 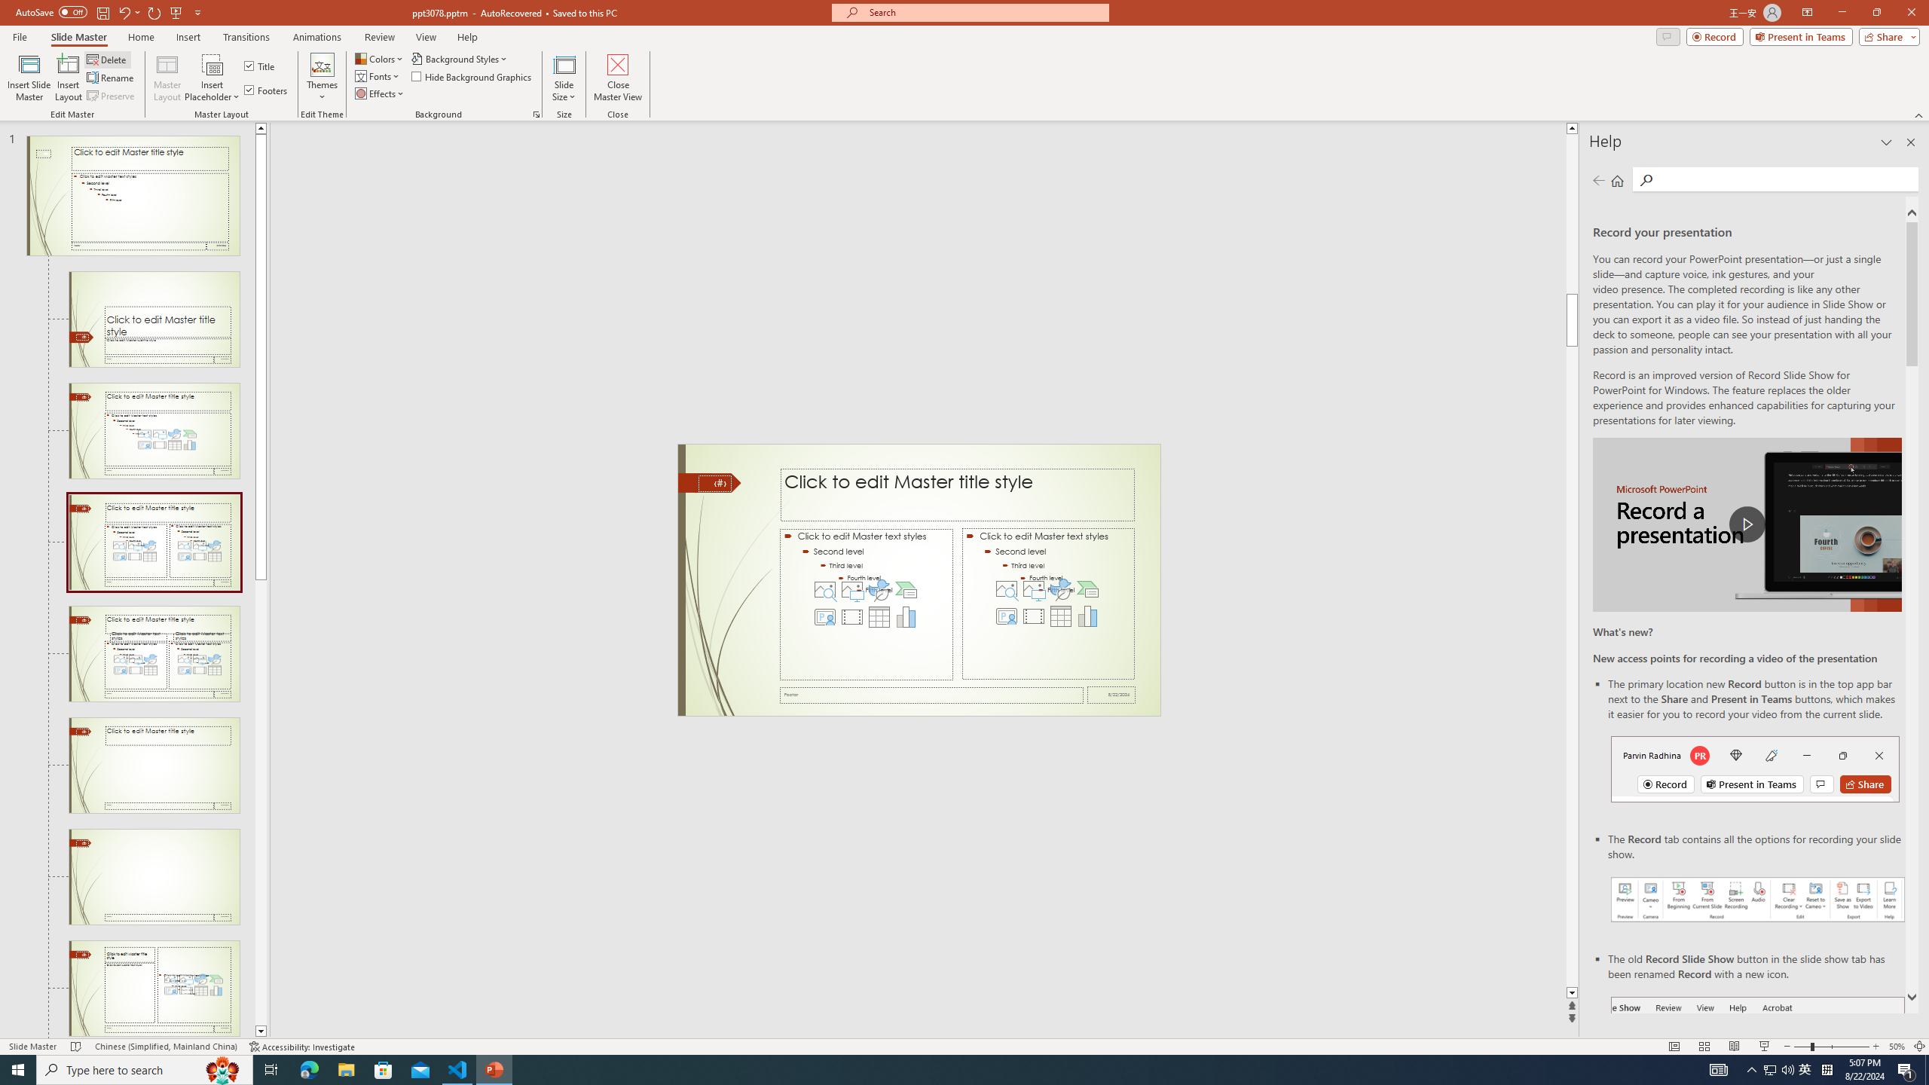 What do you see at coordinates (260, 66) in the screenshot?
I see `'Title'` at bounding box center [260, 66].